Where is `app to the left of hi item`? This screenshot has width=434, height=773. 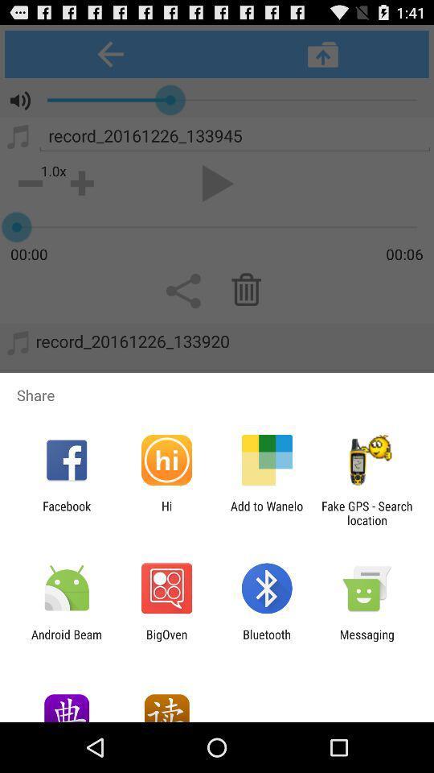 app to the left of hi item is located at coordinates (66, 512).